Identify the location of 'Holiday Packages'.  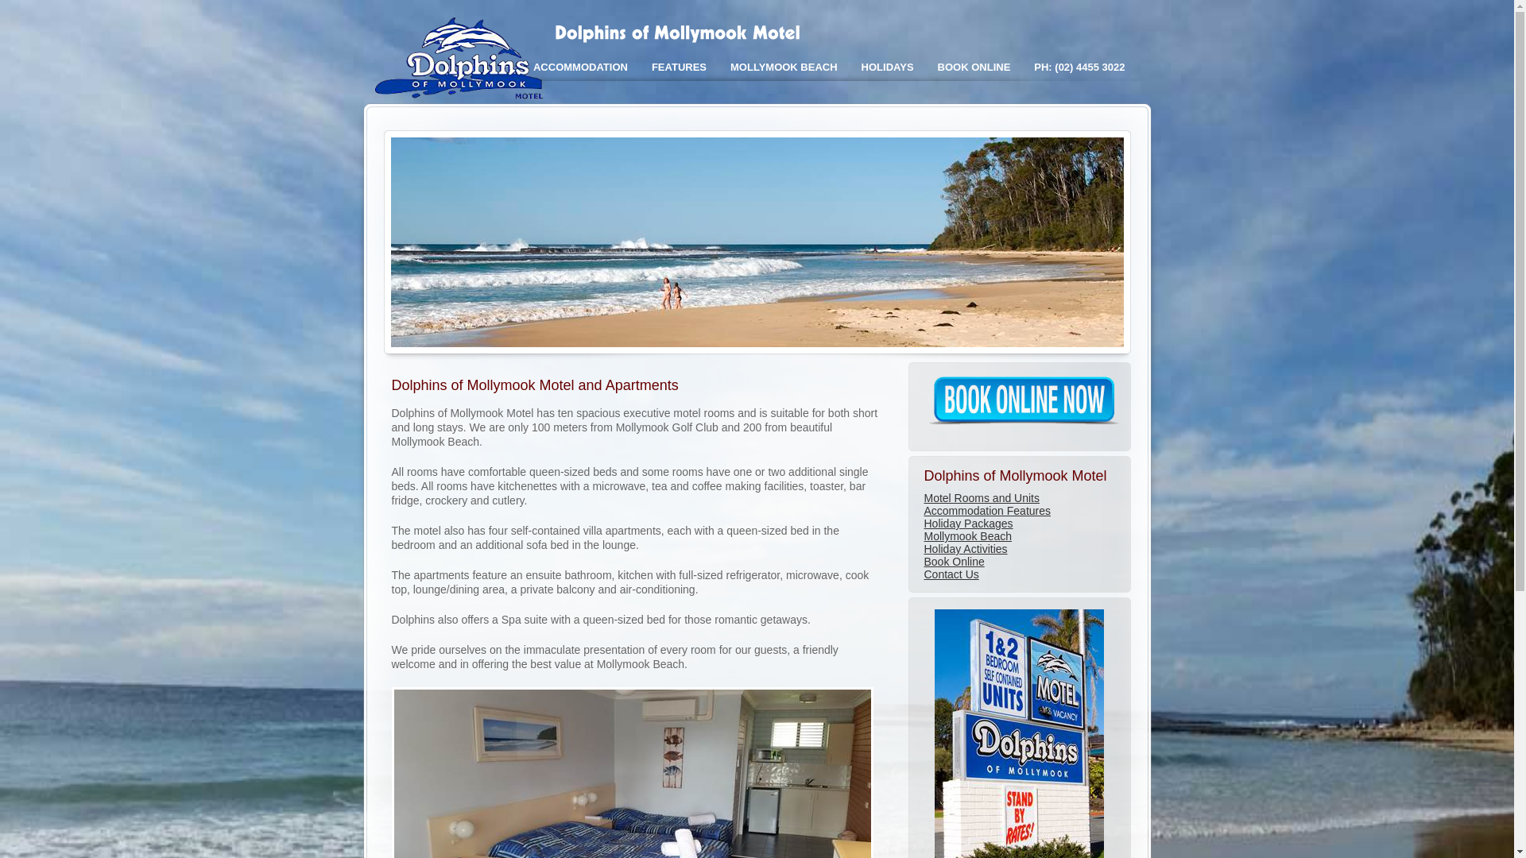
(923, 524).